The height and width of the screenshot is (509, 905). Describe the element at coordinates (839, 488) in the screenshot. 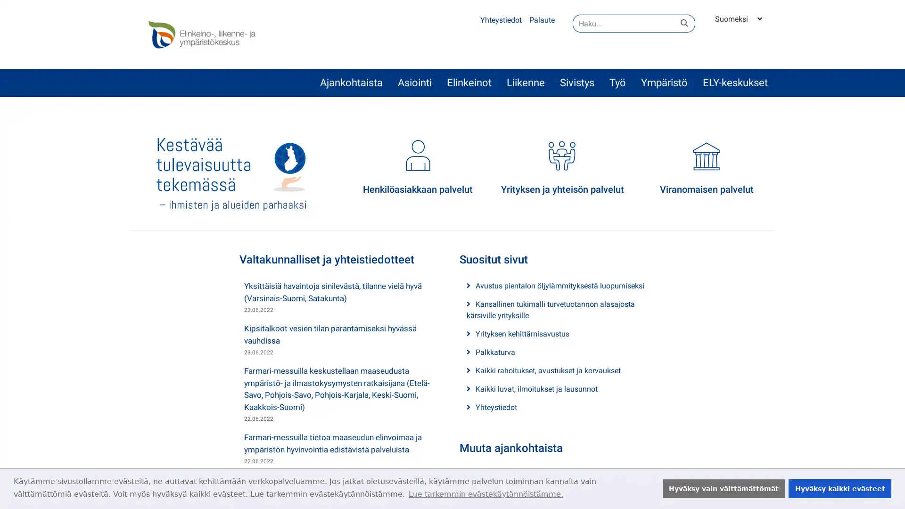

I see `allow cookies` at that location.